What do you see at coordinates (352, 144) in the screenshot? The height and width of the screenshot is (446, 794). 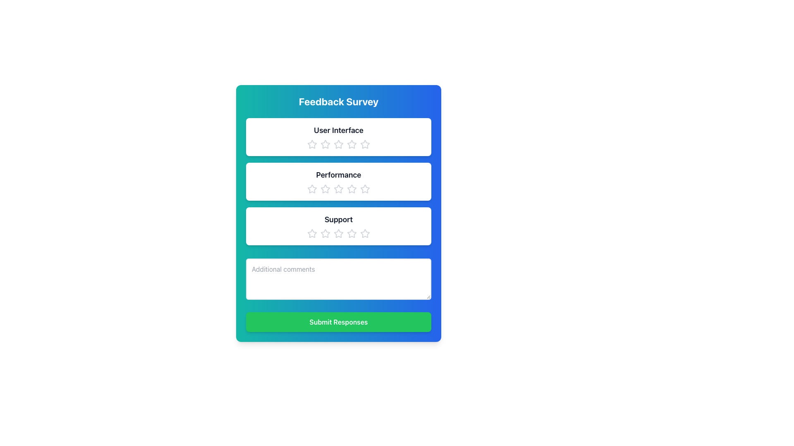 I see `the third star icon` at bounding box center [352, 144].